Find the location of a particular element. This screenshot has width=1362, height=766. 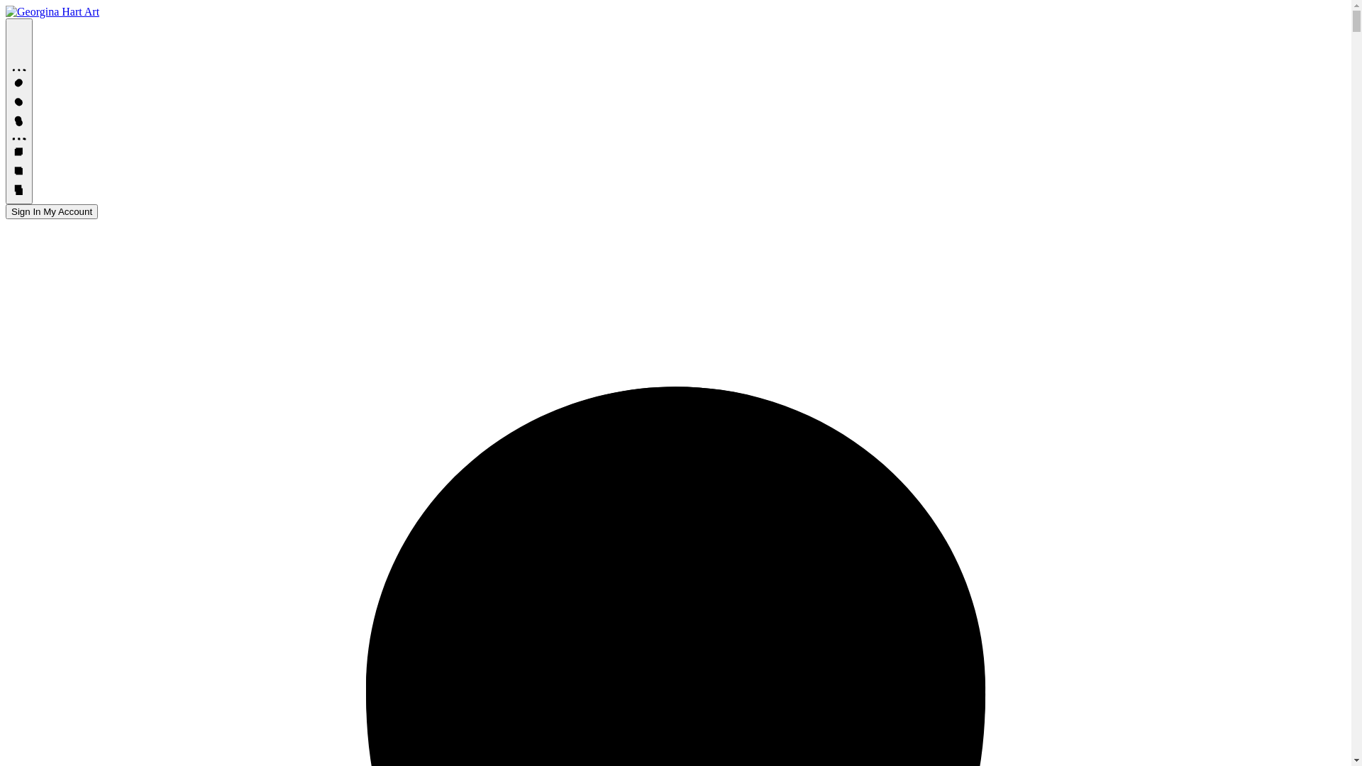

'Sign In My Account' is located at coordinates (6, 211).